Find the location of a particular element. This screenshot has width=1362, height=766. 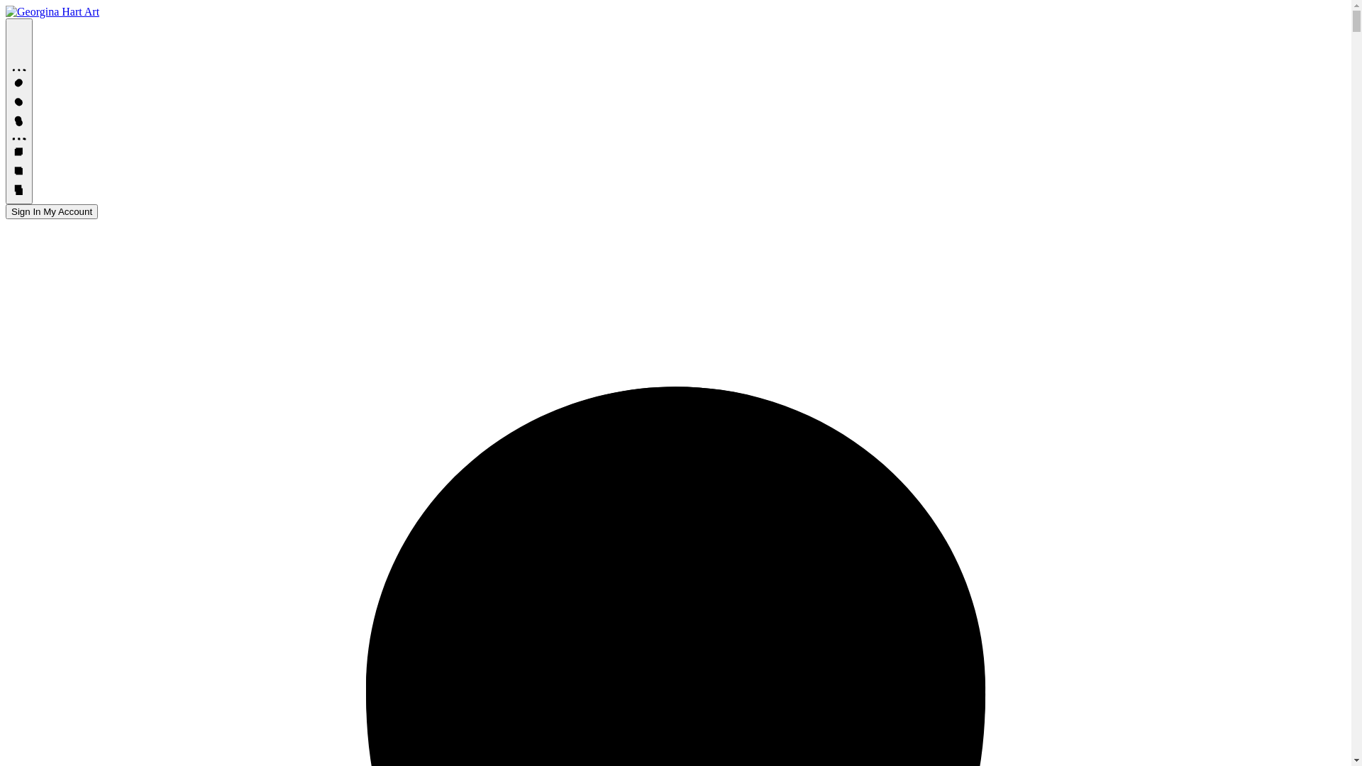

'Sign In My Account' is located at coordinates (6, 211).